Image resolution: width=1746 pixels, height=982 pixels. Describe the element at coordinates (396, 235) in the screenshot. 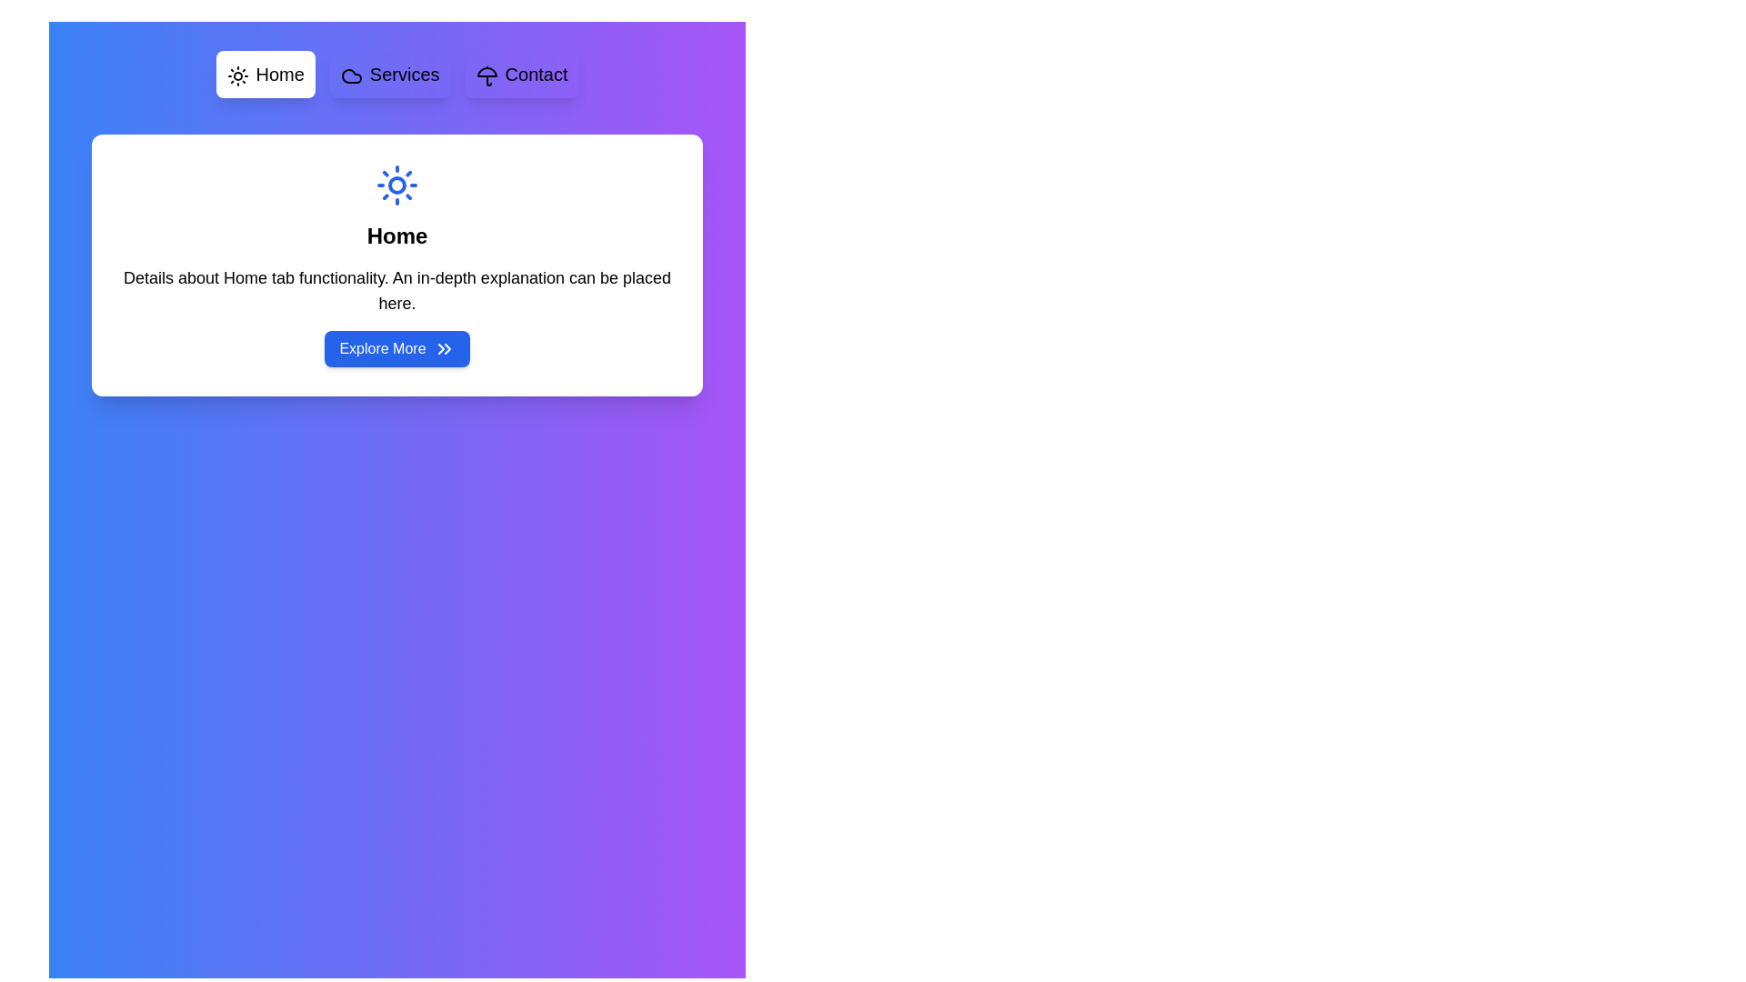

I see `the large, bold text element displaying 'Home' that serves as a title above a descriptive paragraph` at that location.